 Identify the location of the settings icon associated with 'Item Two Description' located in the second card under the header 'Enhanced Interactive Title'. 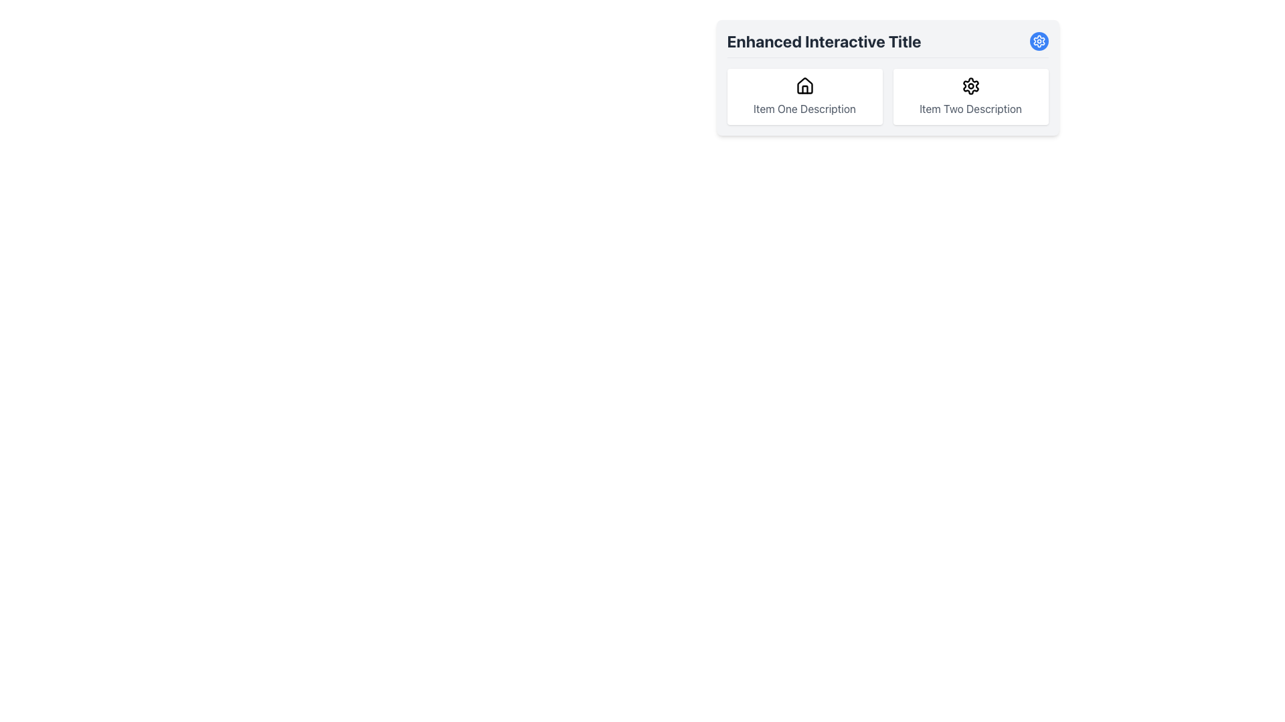
(970, 86).